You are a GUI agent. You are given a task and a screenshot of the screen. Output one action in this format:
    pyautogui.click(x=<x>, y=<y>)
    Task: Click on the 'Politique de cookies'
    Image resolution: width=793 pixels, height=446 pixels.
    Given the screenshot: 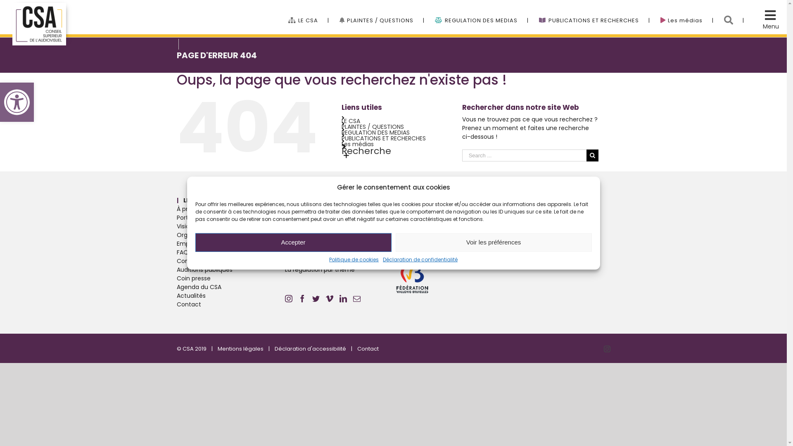 What is the action you would take?
    pyautogui.click(x=354, y=259)
    